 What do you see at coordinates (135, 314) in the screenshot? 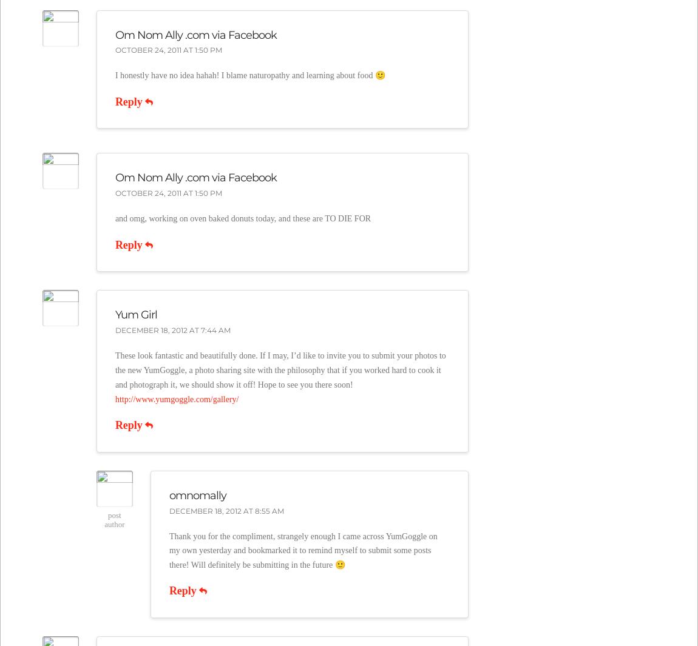
I see `'Yum Girl'` at bounding box center [135, 314].